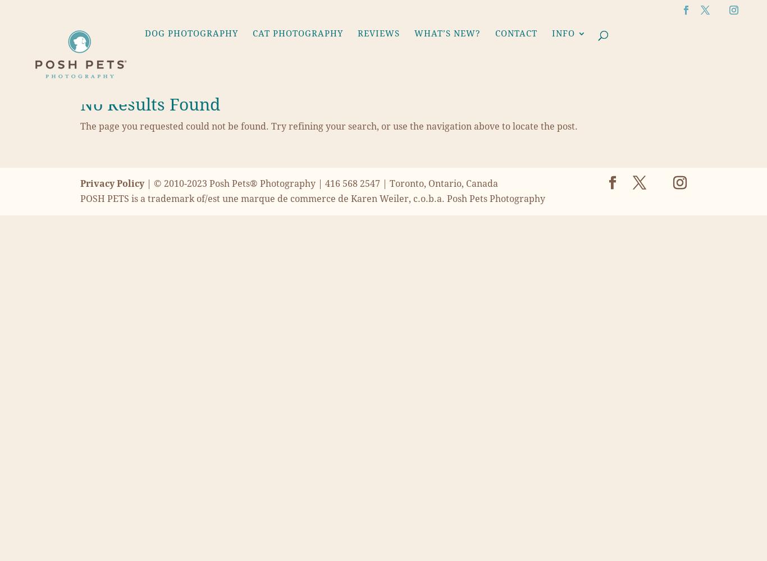 Image resolution: width=767 pixels, height=561 pixels. I want to click on 'Contact', so click(516, 33).